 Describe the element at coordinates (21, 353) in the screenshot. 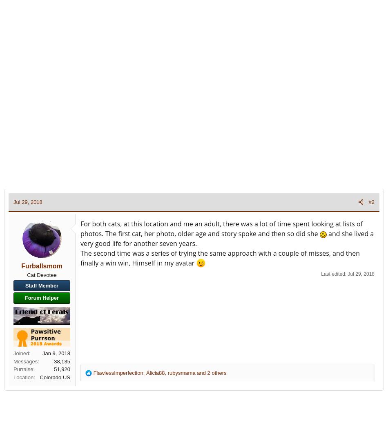

I see `'Joined'` at that location.